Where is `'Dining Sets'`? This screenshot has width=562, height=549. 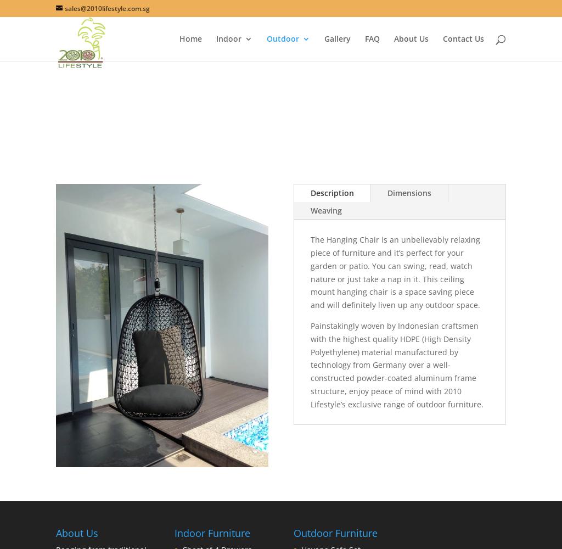 'Dining Sets' is located at coordinates (312, 86).